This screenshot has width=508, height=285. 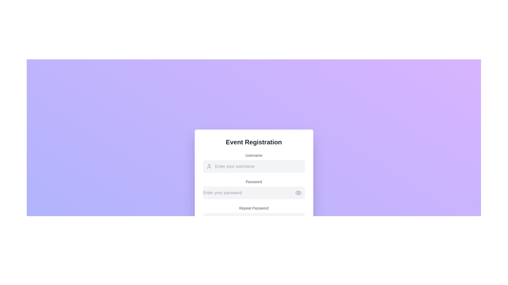 What do you see at coordinates (253, 155) in the screenshot?
I see `the 'Username' text label, which is styled in gray and positioned above the input field for entering a username in the event registration form` at bounding box center [253, 155].